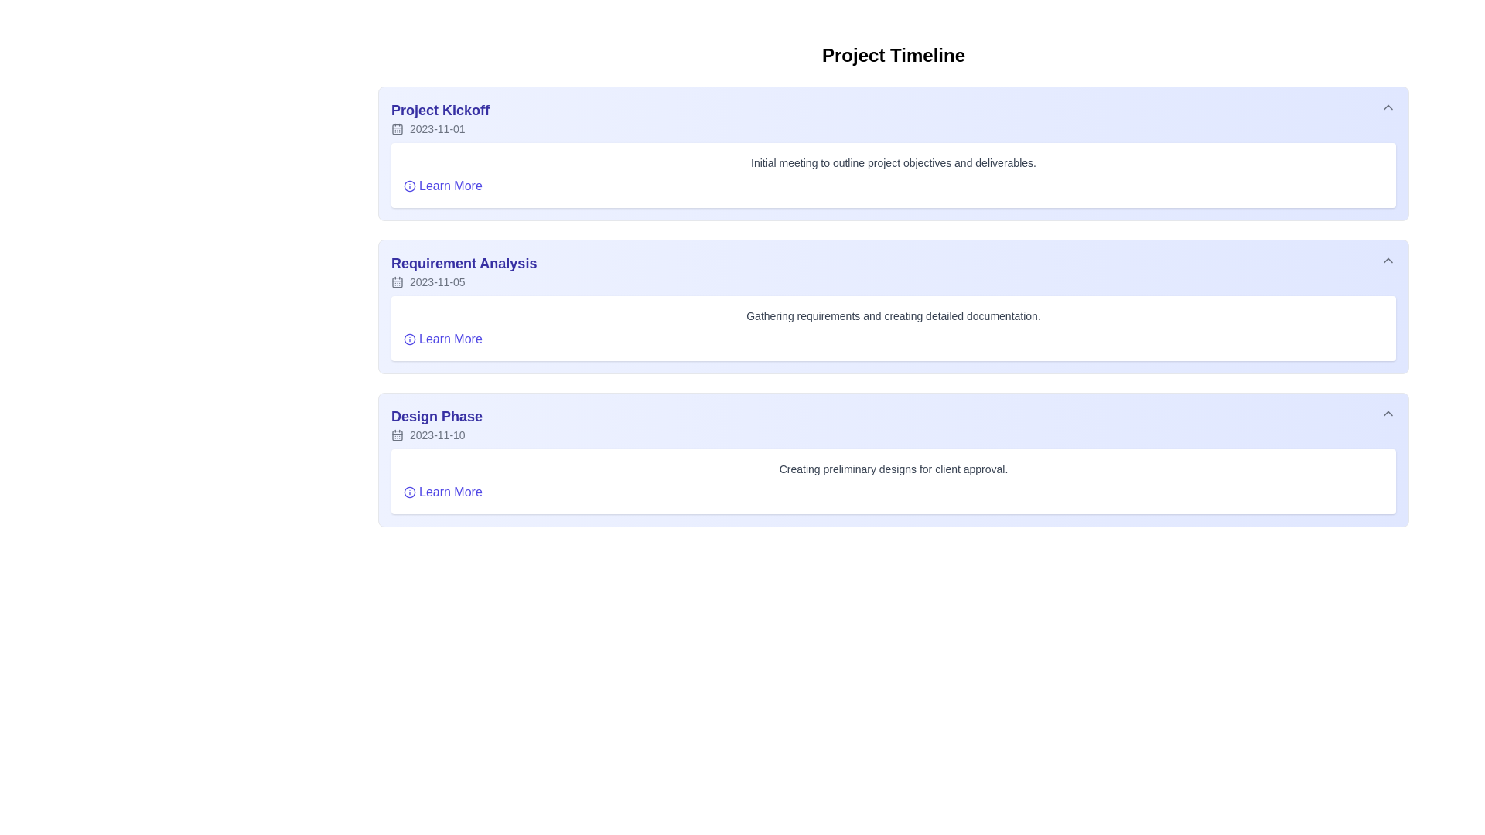 This screenshot has width=1485, height=835. Describe the element at coordinates (893, 163) in the screenshot. I see `the static text label that provides information about the initial project meeting, located in the 'Project Kickoff' card above the 'Learn More' link` at that location.